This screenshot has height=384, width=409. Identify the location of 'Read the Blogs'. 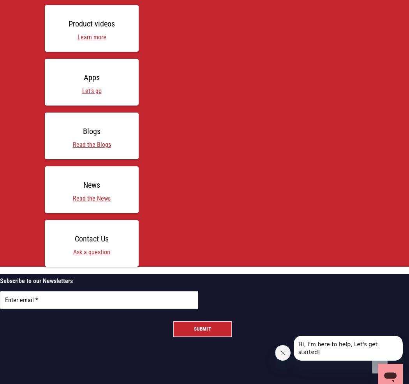
(72, 144).